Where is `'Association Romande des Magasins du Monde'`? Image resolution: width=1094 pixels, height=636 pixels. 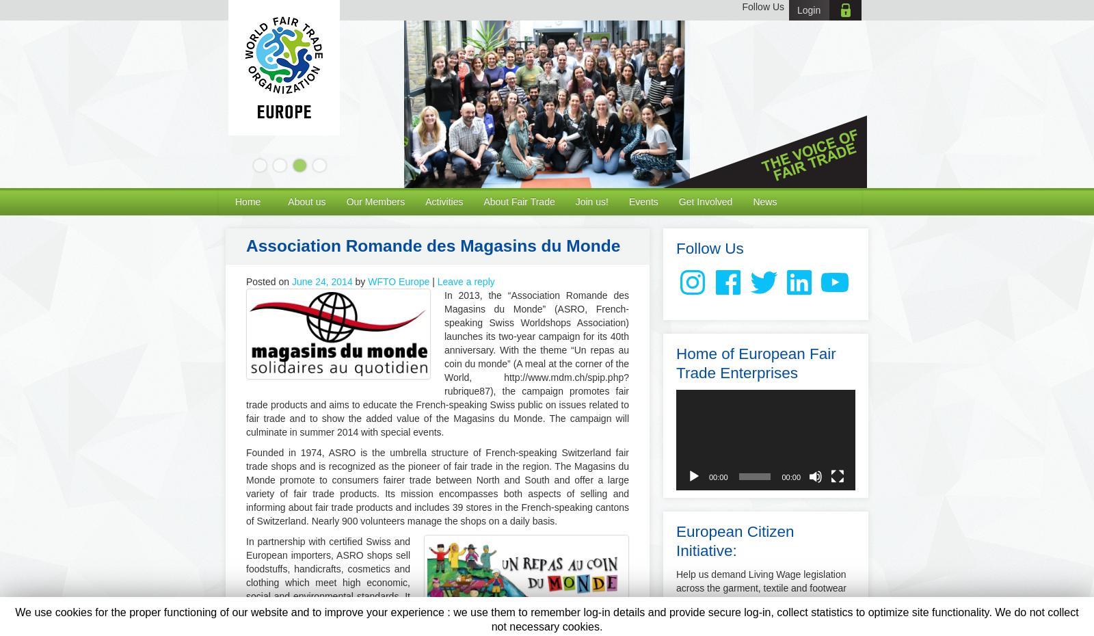
'Association Romande des Magasins du Monde' is located at coordinates (433, 245).